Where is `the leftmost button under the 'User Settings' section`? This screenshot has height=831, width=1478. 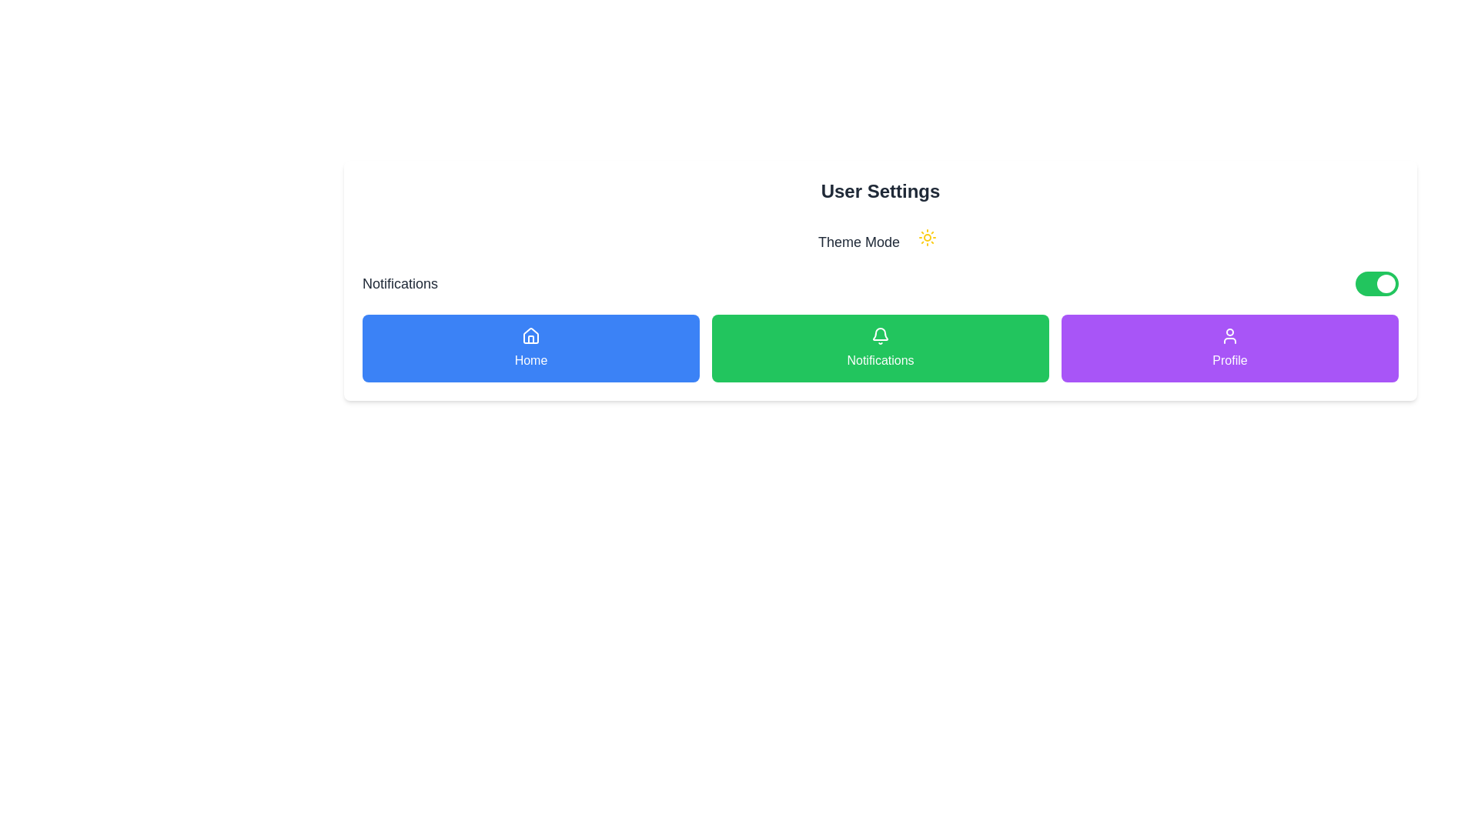 the leftmost button under the 'User Settings' section is located at coordinates (531, 348).